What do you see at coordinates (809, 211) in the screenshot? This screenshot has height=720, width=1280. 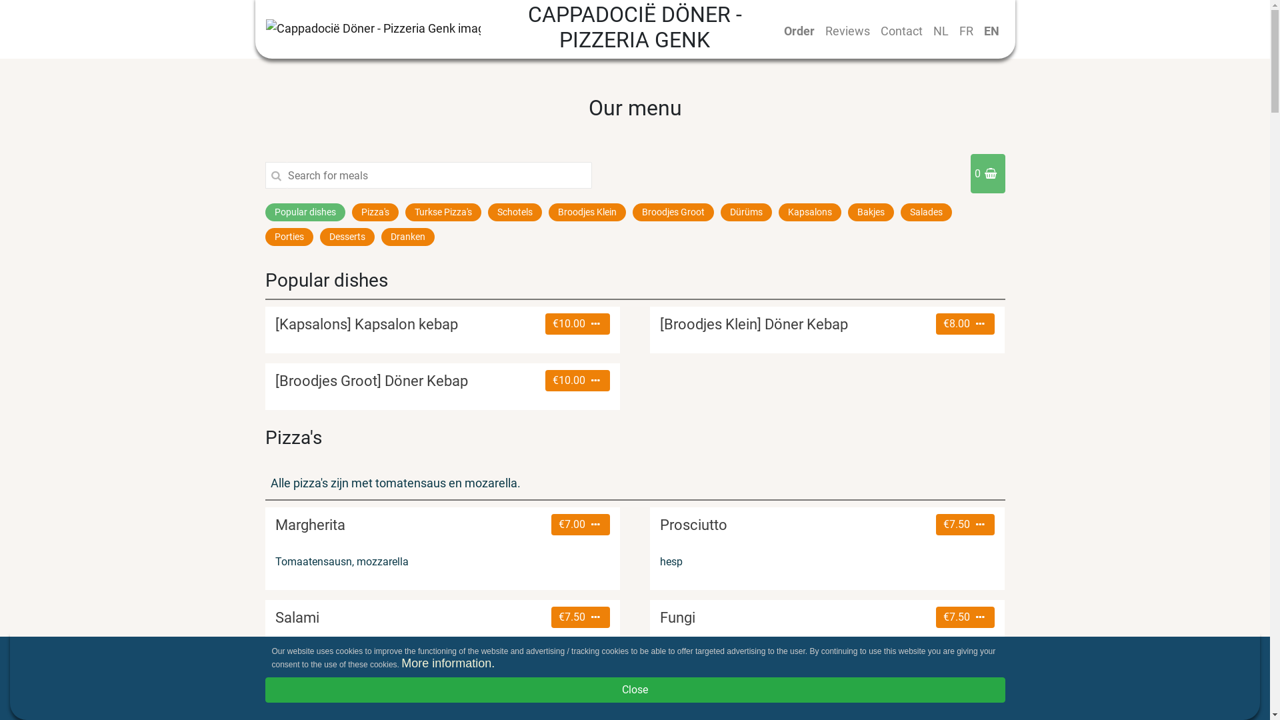 I see `'Kapsalons'` at bounding box center [809, 211].